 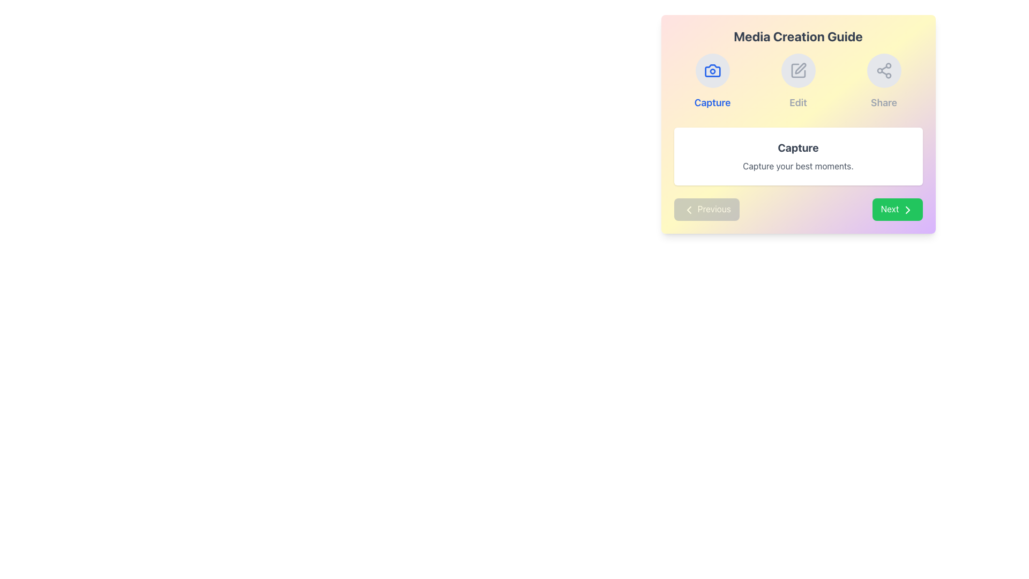 What do you see at coordinates (884, 103) in the screenshot?
I see `the Text Label providing a description for the share icon in the top right section of the 'Media Creation Guide' card` at bounding box center [884, 103].